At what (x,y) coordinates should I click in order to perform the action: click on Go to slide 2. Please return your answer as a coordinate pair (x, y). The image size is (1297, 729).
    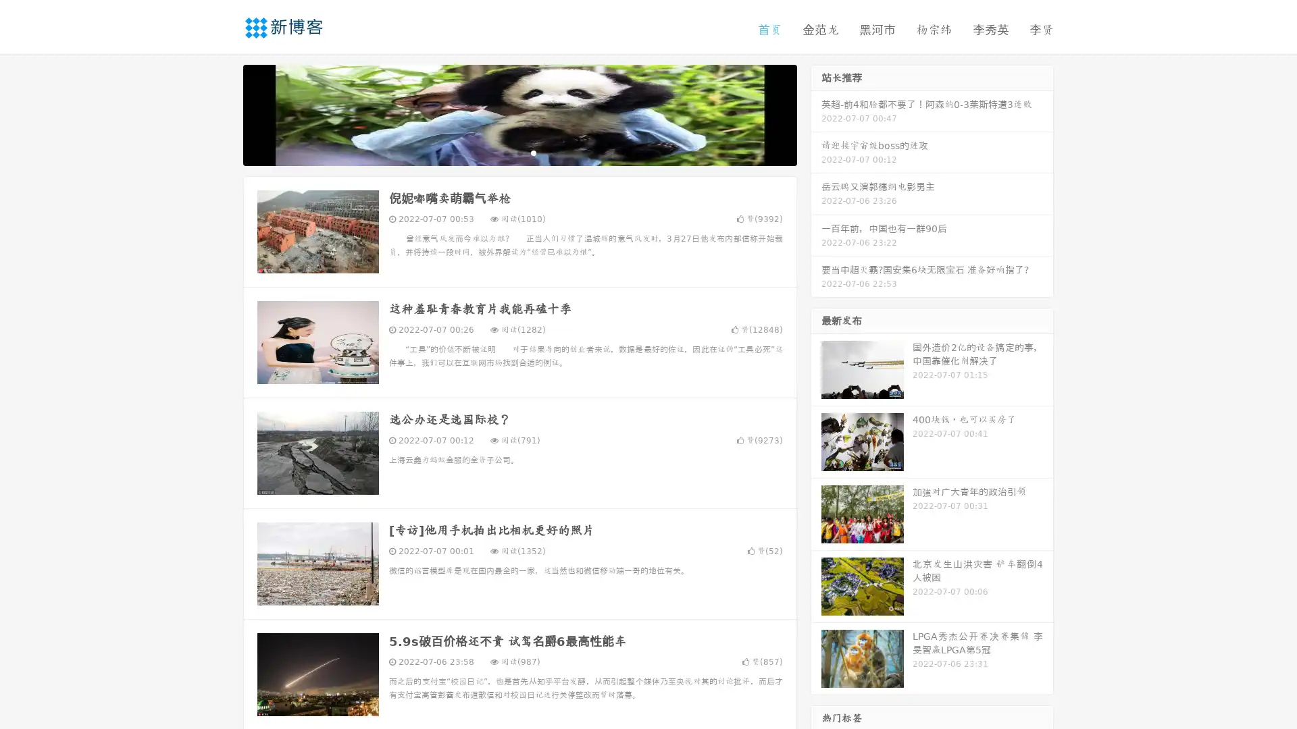
    Looking at the image, I should click on (519, 152).